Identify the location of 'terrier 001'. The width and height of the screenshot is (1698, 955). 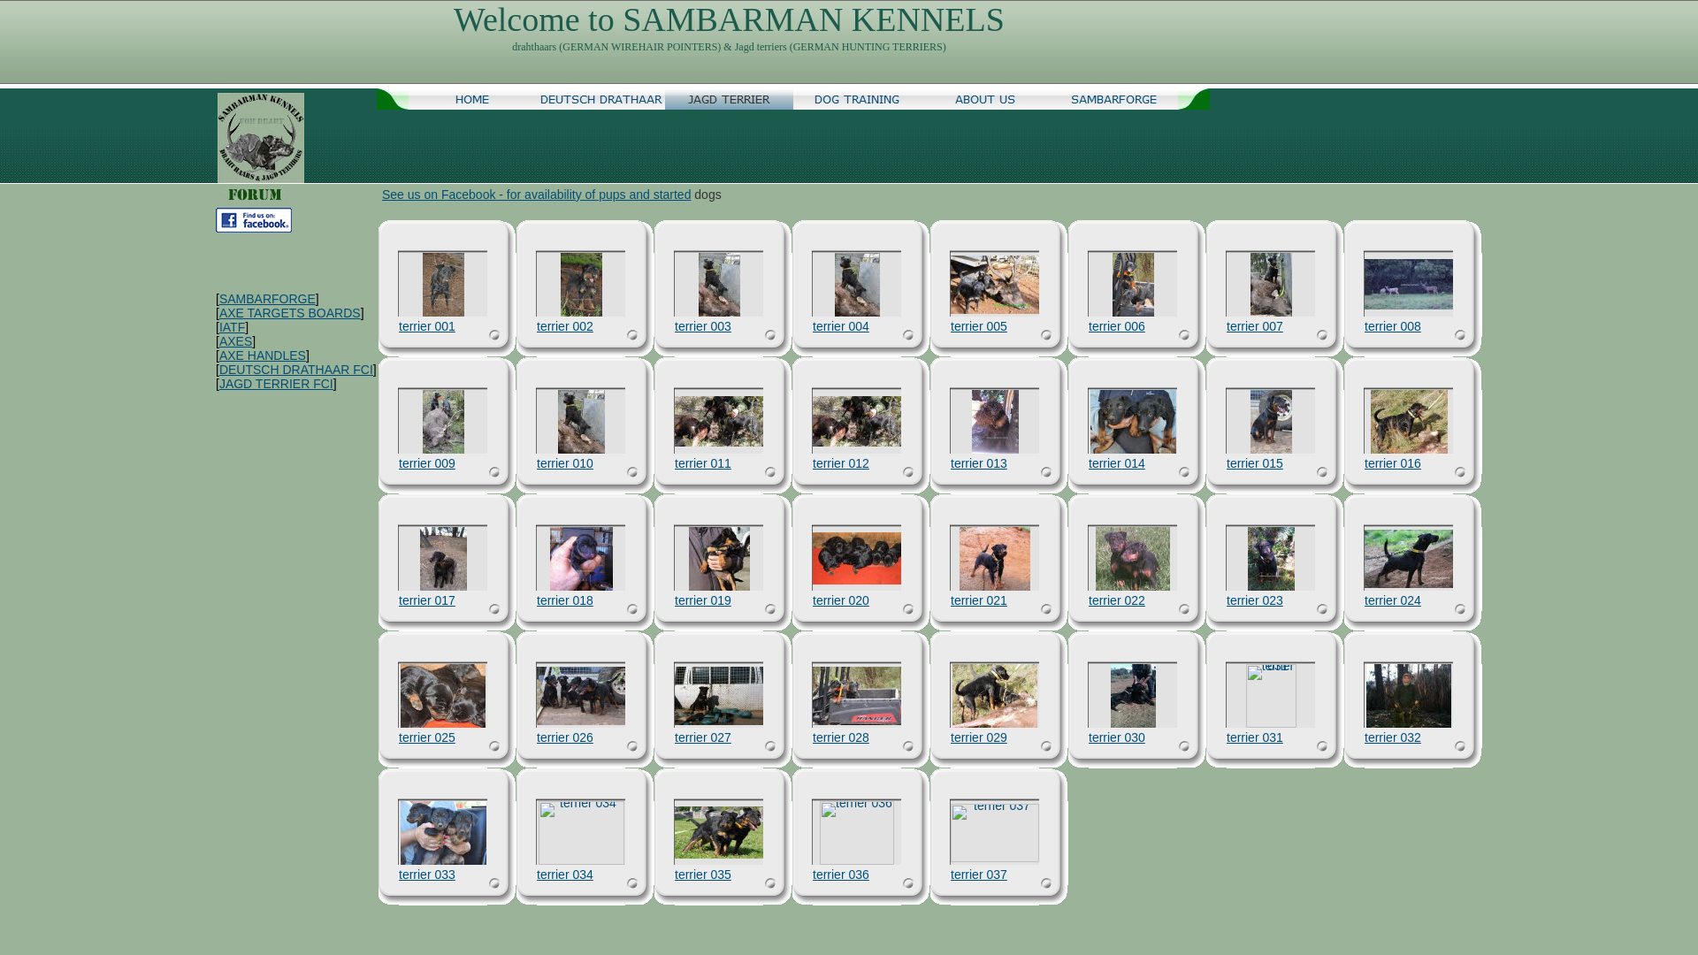
(427, 326).